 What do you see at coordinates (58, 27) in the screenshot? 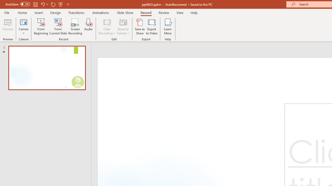
I see `'From Current Slide...'` at bounding box center [58, 27].